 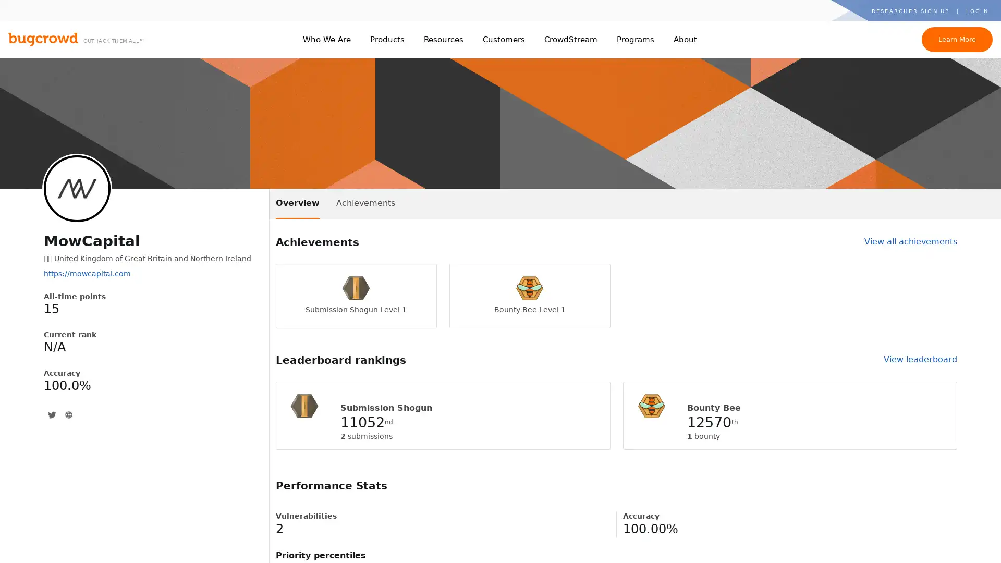 I want to click on Bounty Bee Level 1 Bounty Bee Level 1, so click(x=529, y=296).